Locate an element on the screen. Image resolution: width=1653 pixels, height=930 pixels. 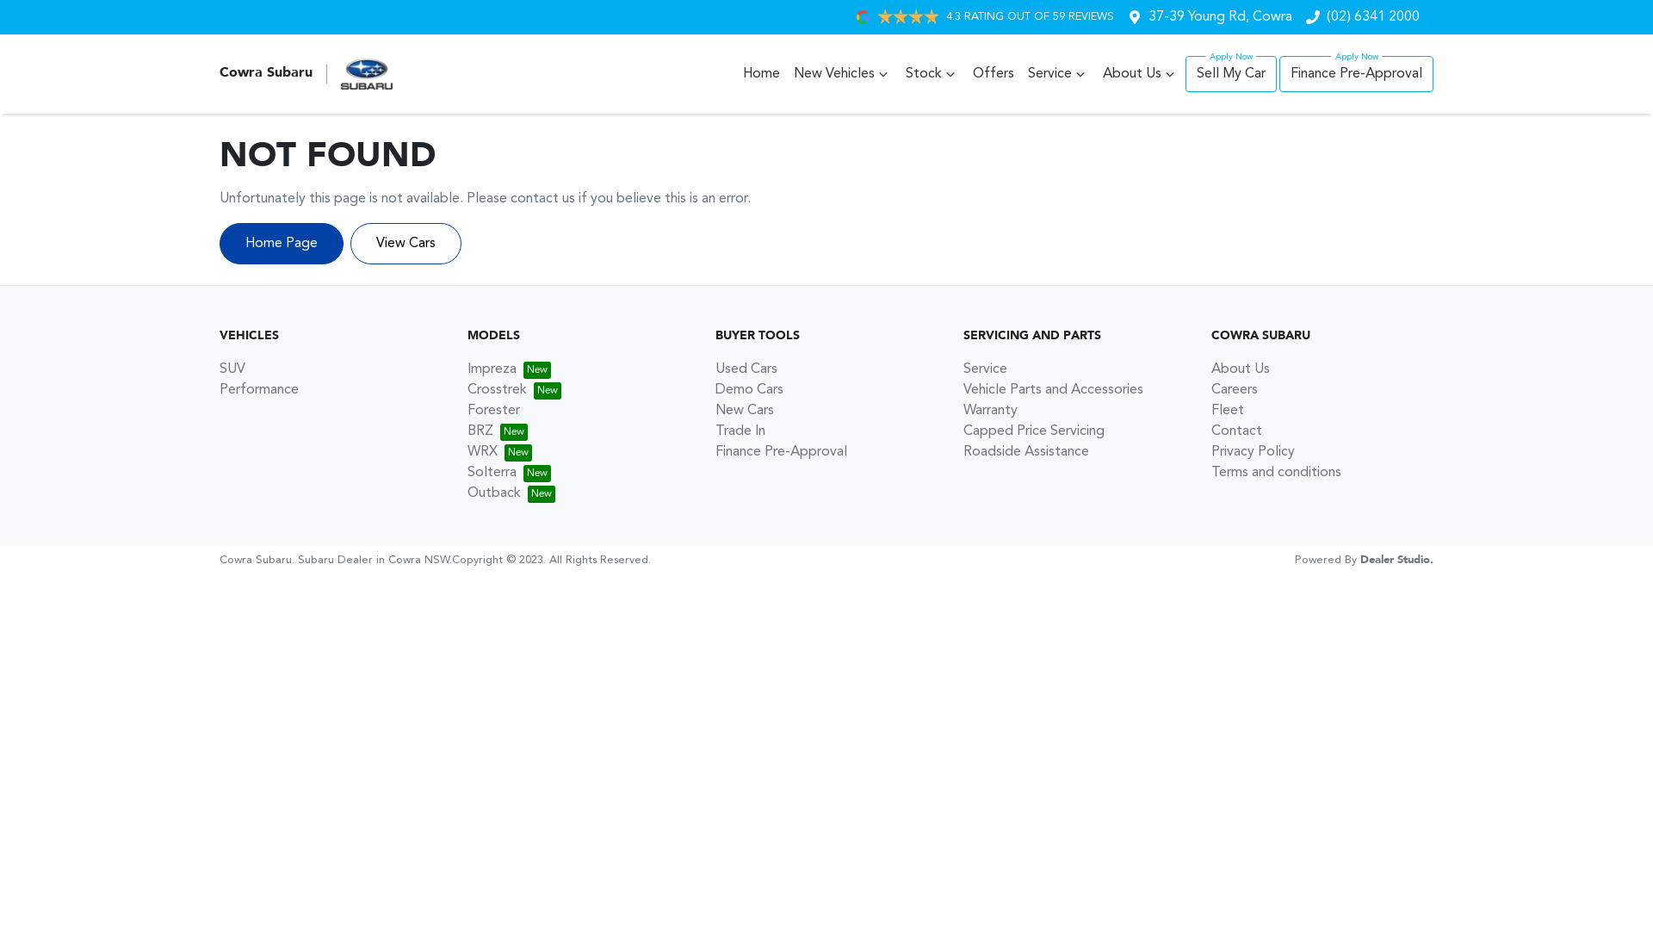
'Trade In' is located at coordinates (740, 431).